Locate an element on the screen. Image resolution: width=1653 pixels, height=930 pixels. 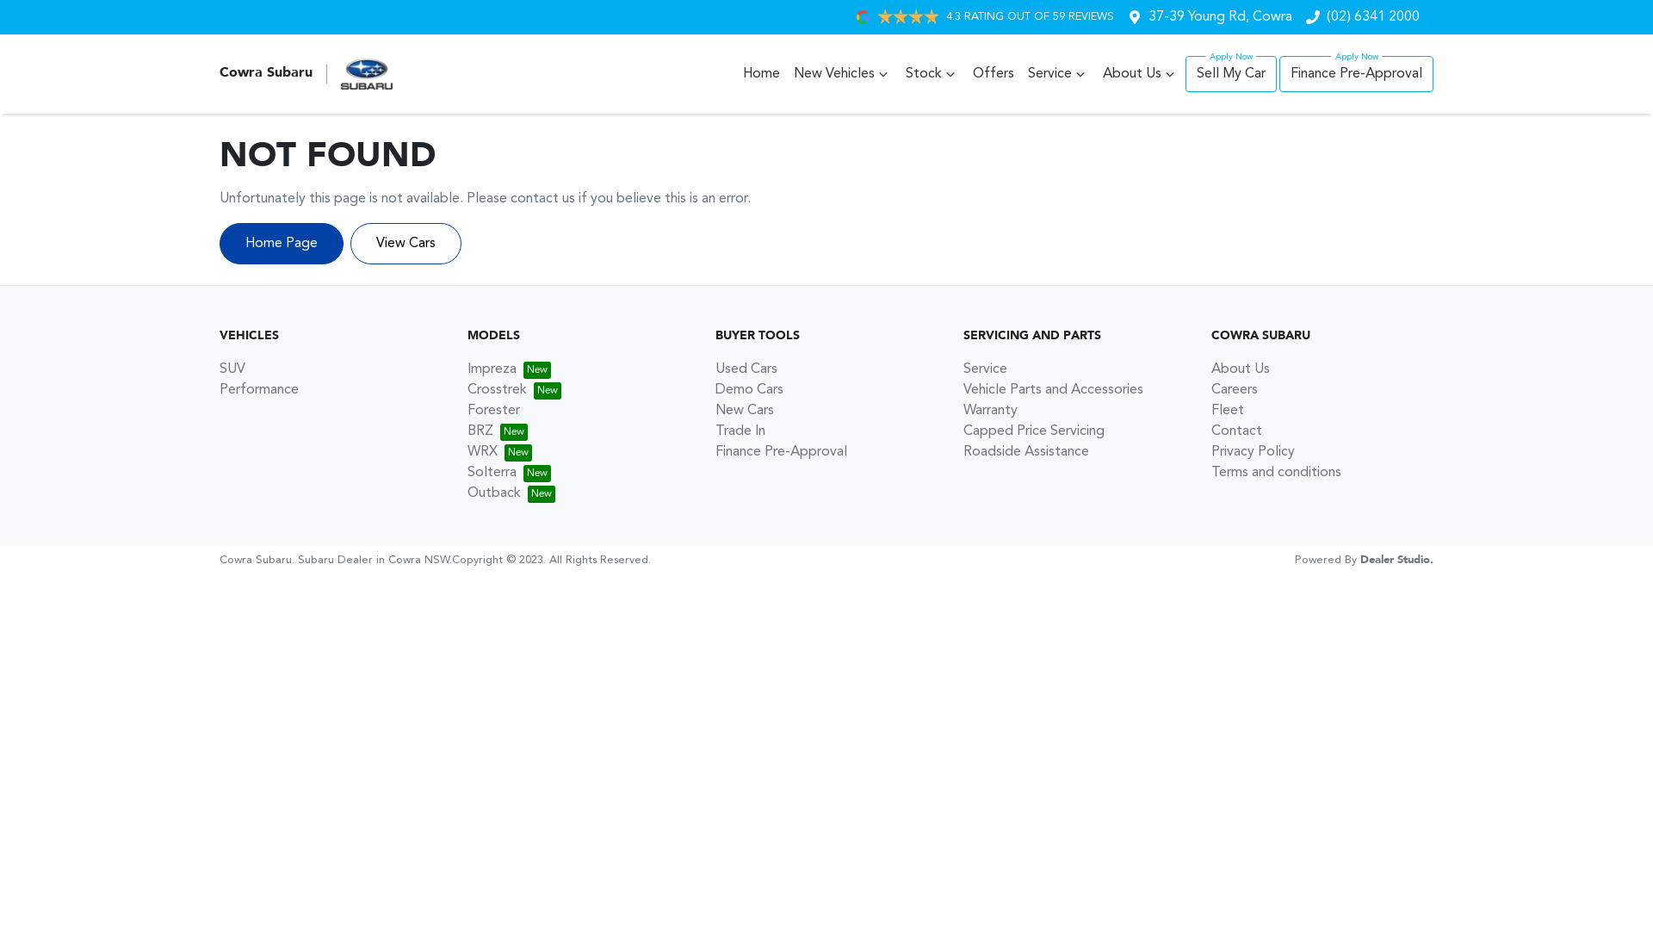
'Trade In' is located at coordinates (740, 431).